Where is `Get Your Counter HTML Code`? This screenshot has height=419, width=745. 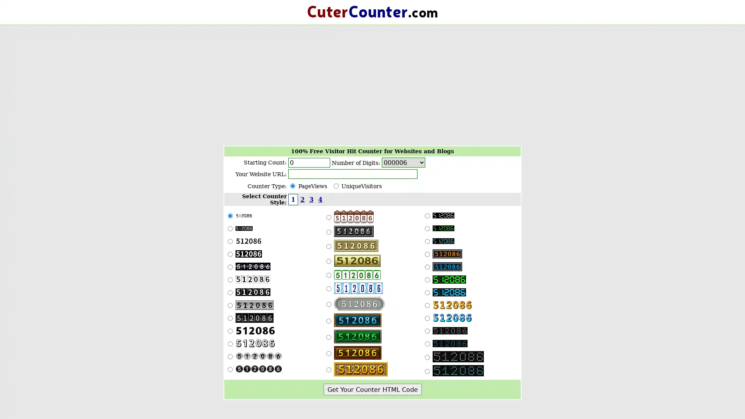
Get Your Counter HTML Code is located at coordinates (372, 389).